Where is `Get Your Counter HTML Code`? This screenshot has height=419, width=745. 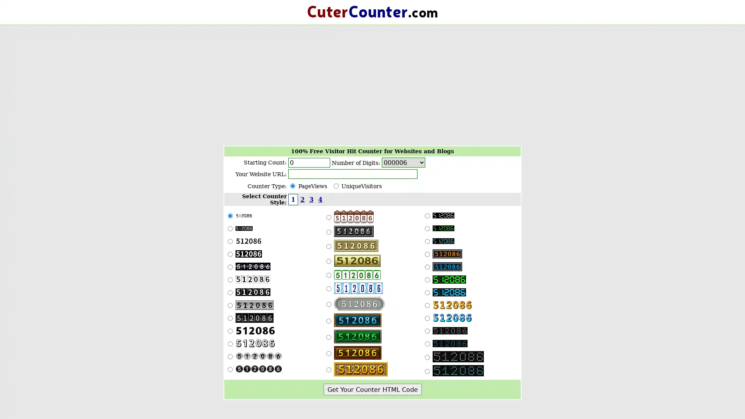
Get Your Counter HTML Code is located at coordinates (372, 389).